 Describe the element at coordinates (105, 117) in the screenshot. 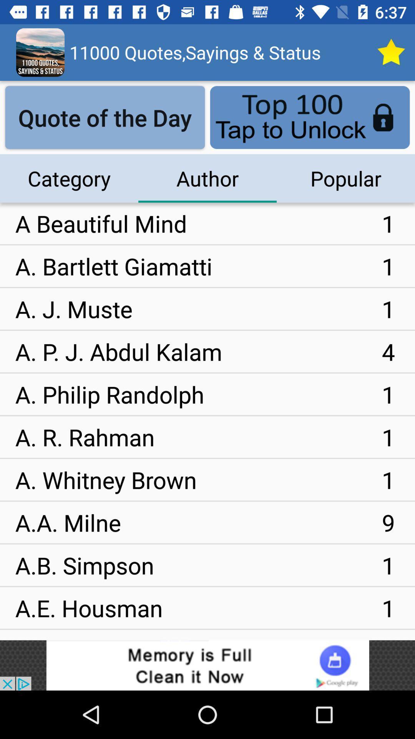

I see `the first left button` at that location.